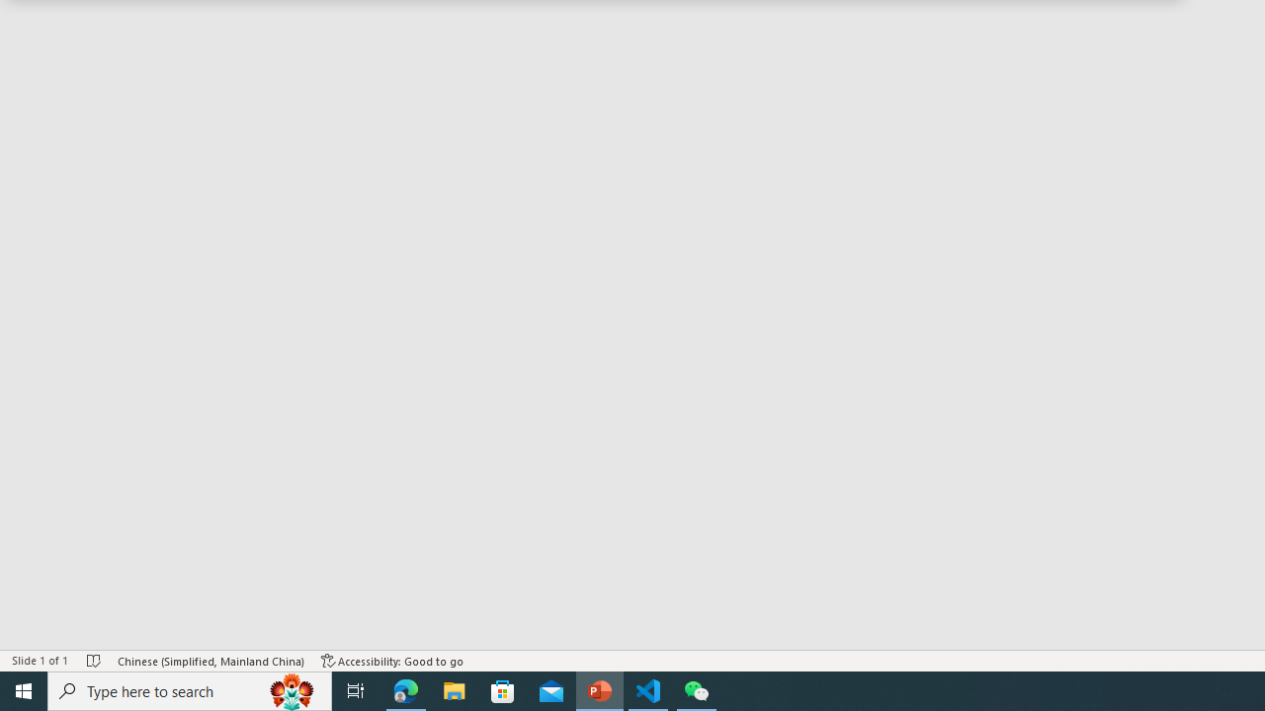  Describe the element at coordinates (94, 661) in the screenshot. I see `'Spell Check No Errors'` at that location.